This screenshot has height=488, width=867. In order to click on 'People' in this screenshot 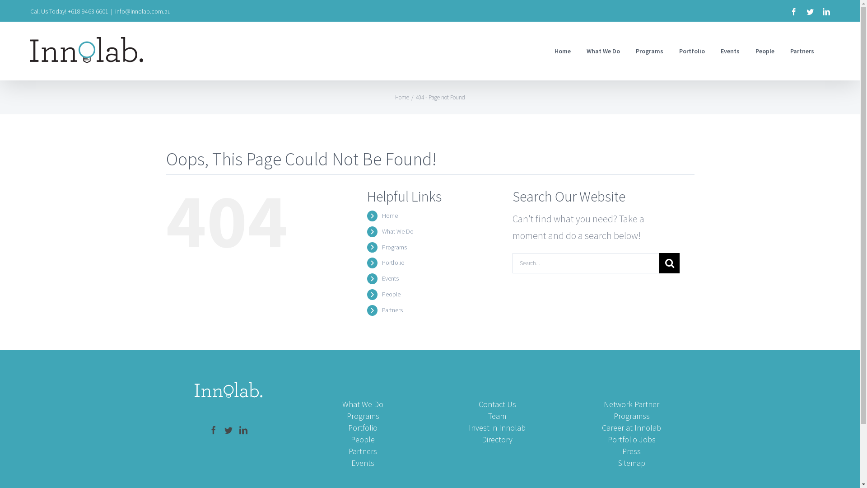, I will do `click(382, 294)`.